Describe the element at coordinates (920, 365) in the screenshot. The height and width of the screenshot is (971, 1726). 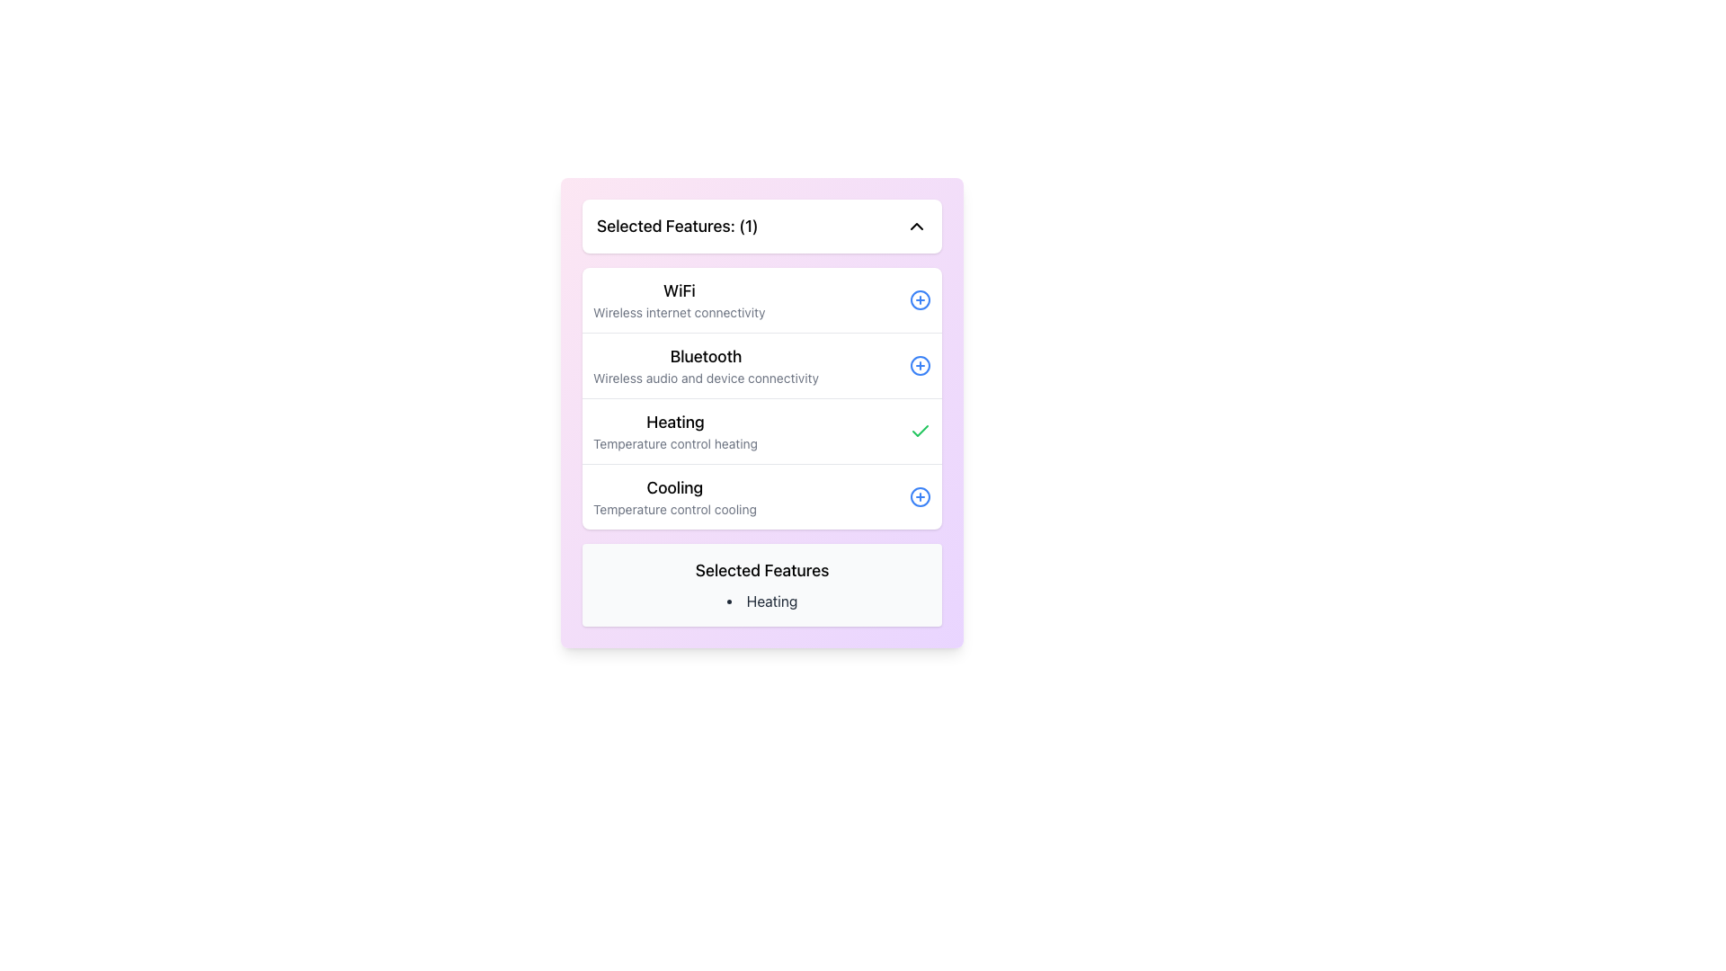
I see `the rightmost button in the 'Bluetooth' list item` at that location.